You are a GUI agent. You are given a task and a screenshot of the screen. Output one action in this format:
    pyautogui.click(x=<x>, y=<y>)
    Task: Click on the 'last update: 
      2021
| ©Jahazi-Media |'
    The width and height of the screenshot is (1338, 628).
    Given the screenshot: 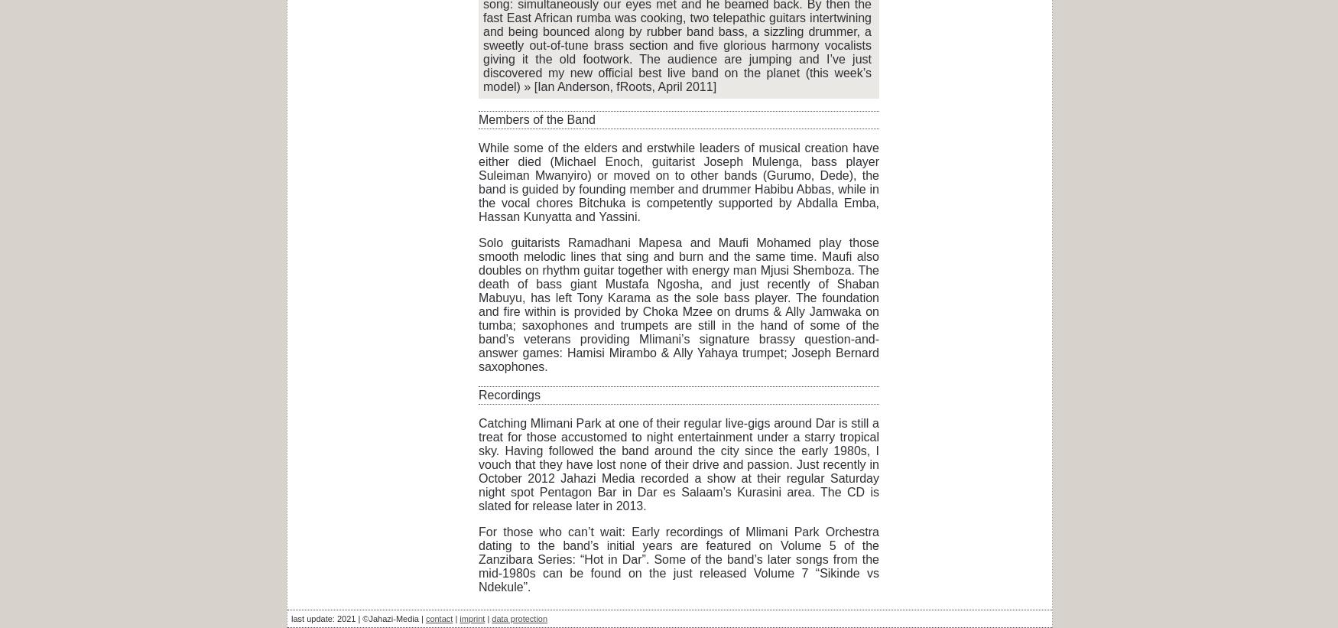 What is the action you would take?
    pyautogui.click(x=358, y=619)
    